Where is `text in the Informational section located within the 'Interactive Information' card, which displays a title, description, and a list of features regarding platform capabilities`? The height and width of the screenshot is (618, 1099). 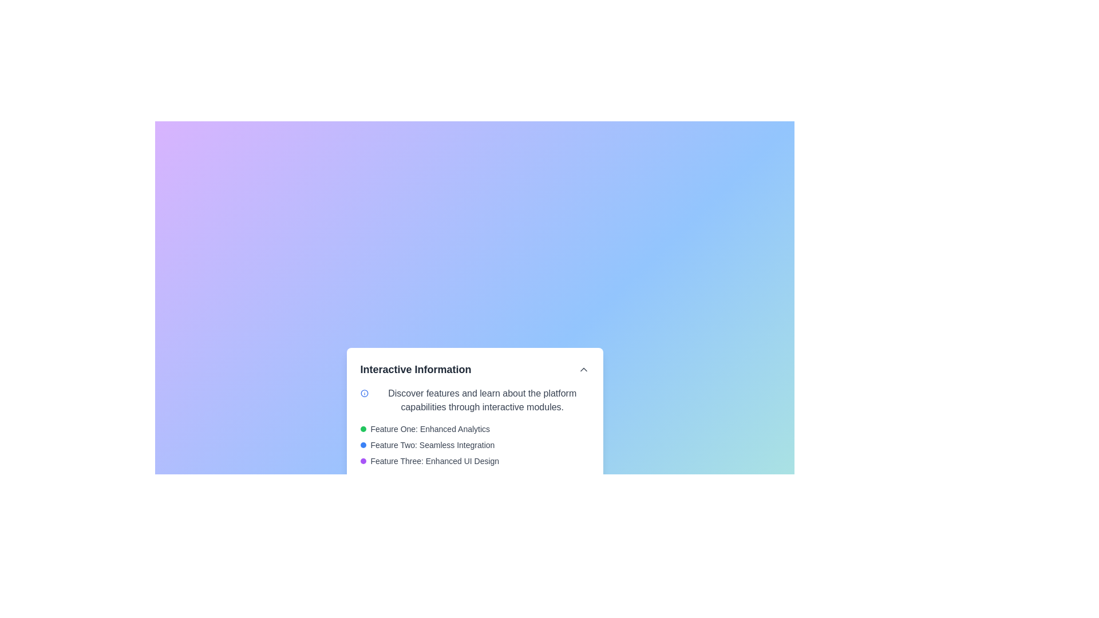
text in the Informational section located within the 'Interactive Information' card, which displays a title, description, and a list of features regarding platform capabilities is located at coordinates (475, 442).